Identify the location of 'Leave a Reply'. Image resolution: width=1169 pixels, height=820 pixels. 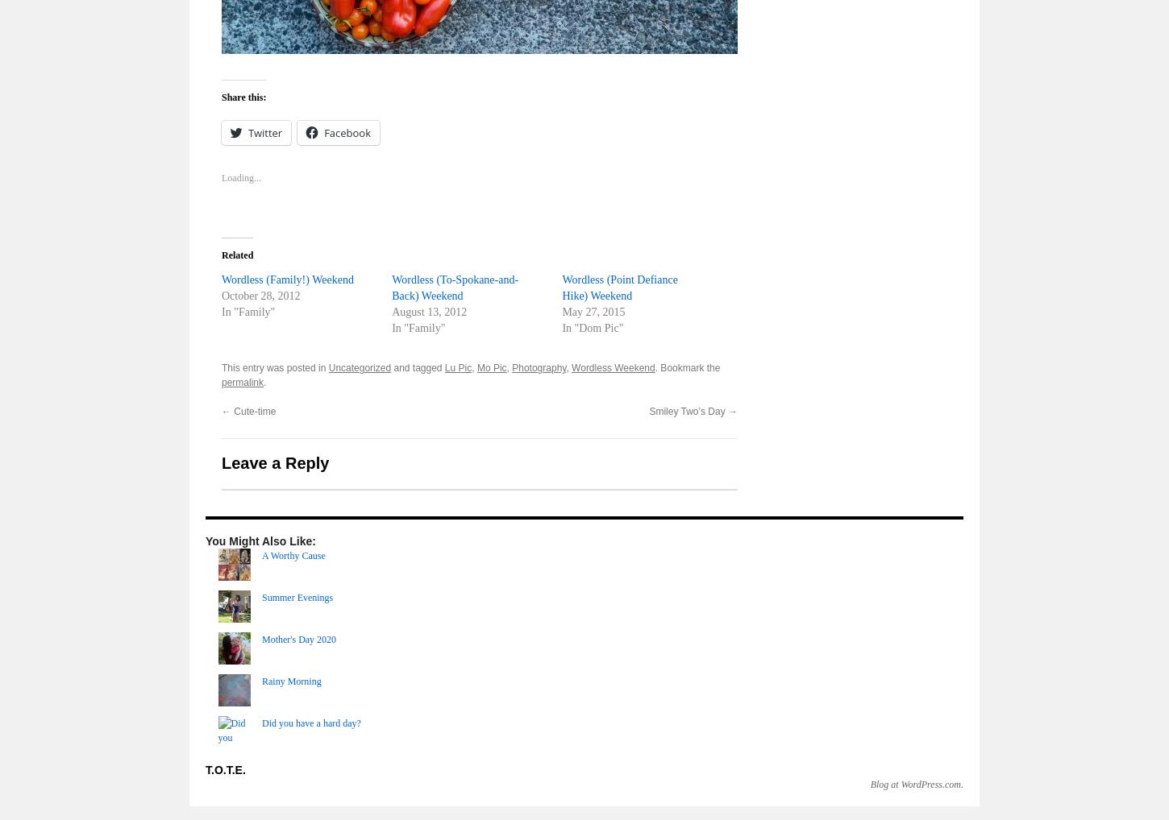
(275, 462).